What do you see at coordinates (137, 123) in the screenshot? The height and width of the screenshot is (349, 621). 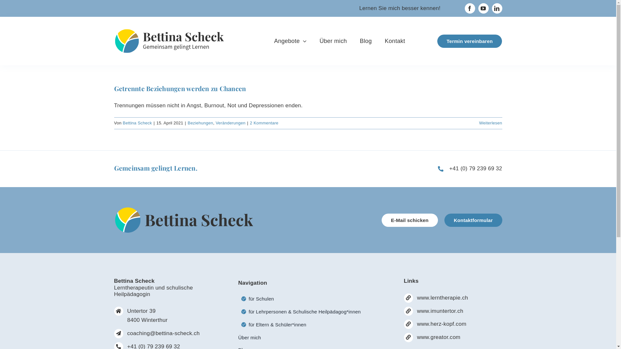 I see `'Bettina Scheck'` at bounding box center [137, 123].